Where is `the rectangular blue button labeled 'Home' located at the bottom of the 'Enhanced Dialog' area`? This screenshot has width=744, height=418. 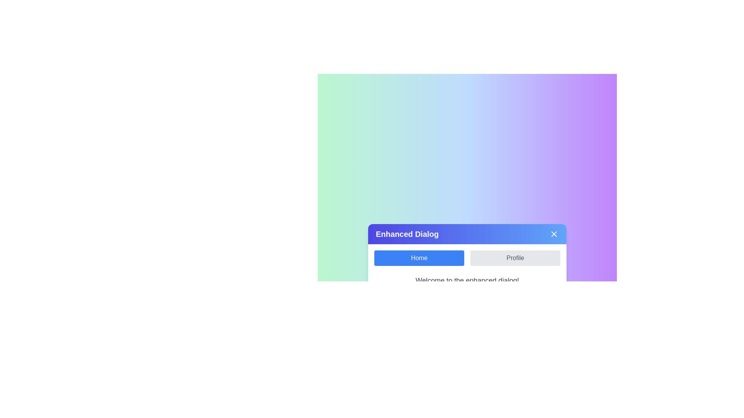
the rectangular blue button labeled 'Home' located at the bottom of the 'Enhanced Dialog' area is located at coordinates (418, 258).